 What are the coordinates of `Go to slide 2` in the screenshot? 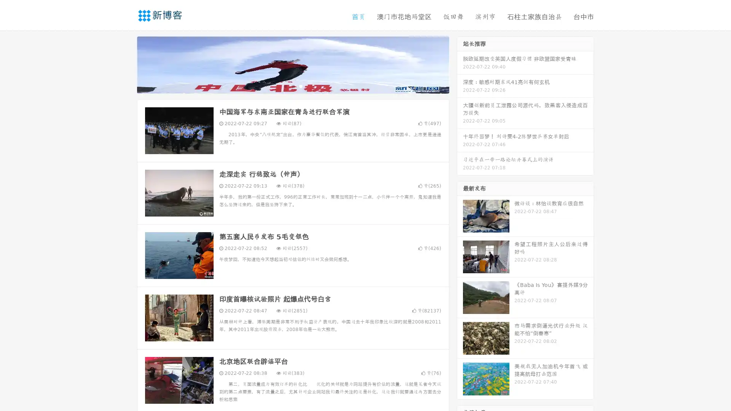 It's located at (292, 86).